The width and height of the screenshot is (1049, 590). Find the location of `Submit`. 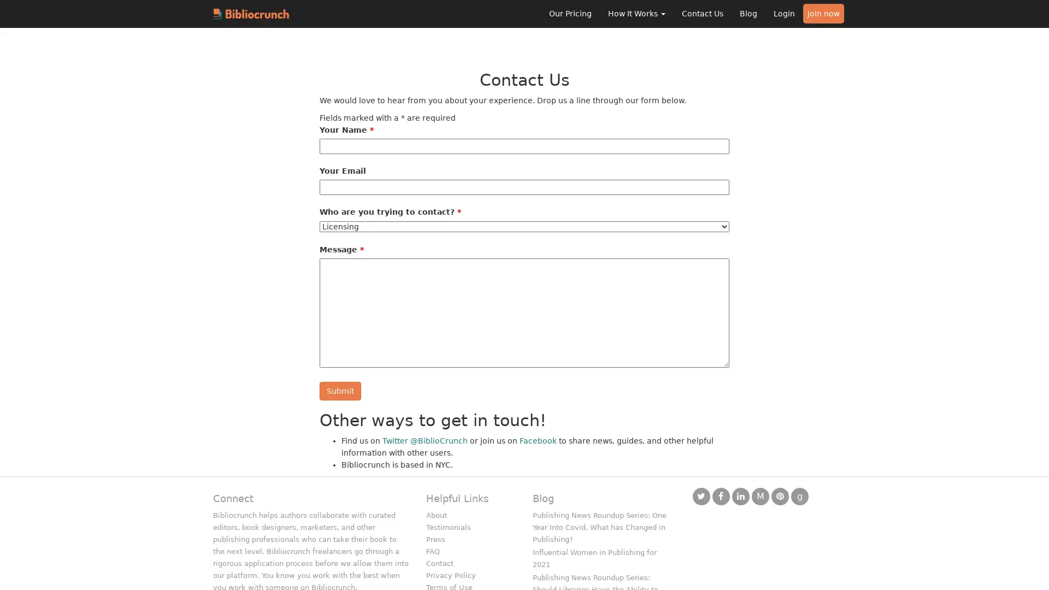

Submit is located at coordinates (340, 391).